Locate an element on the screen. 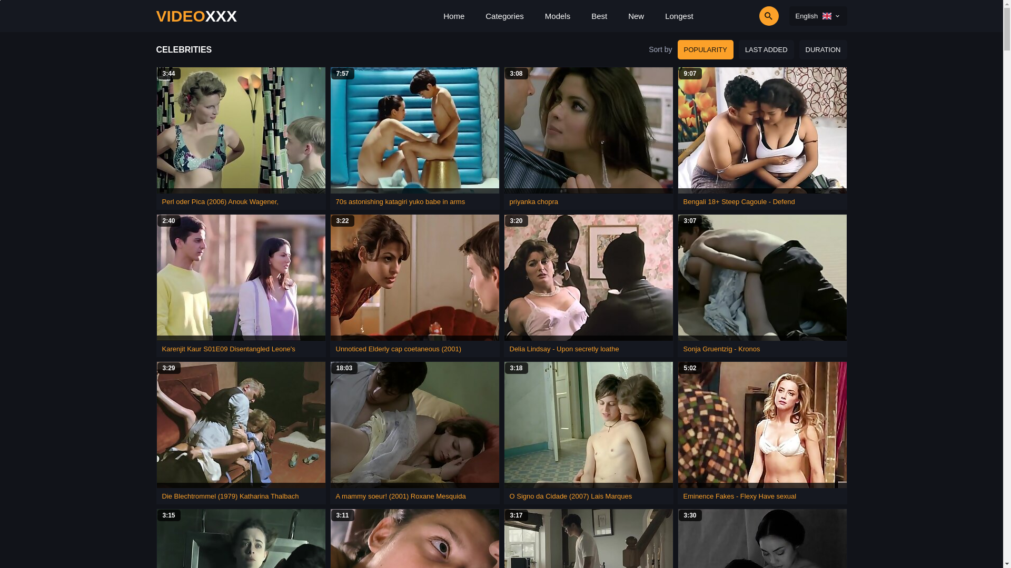 This screenshot has height=568, width=1011. 'Categories' is located at coordinates (504, 16).